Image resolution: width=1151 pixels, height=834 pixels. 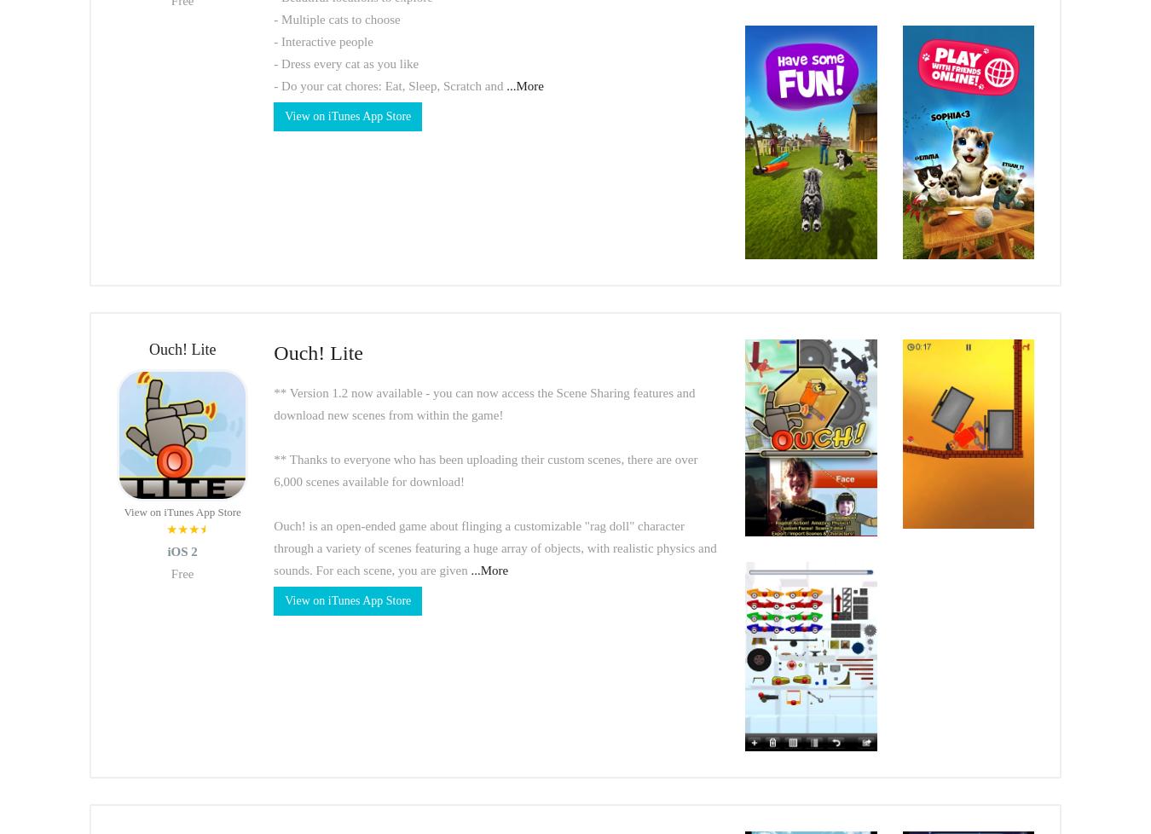 I want to click on 'Free', so click(x=170, y=573).